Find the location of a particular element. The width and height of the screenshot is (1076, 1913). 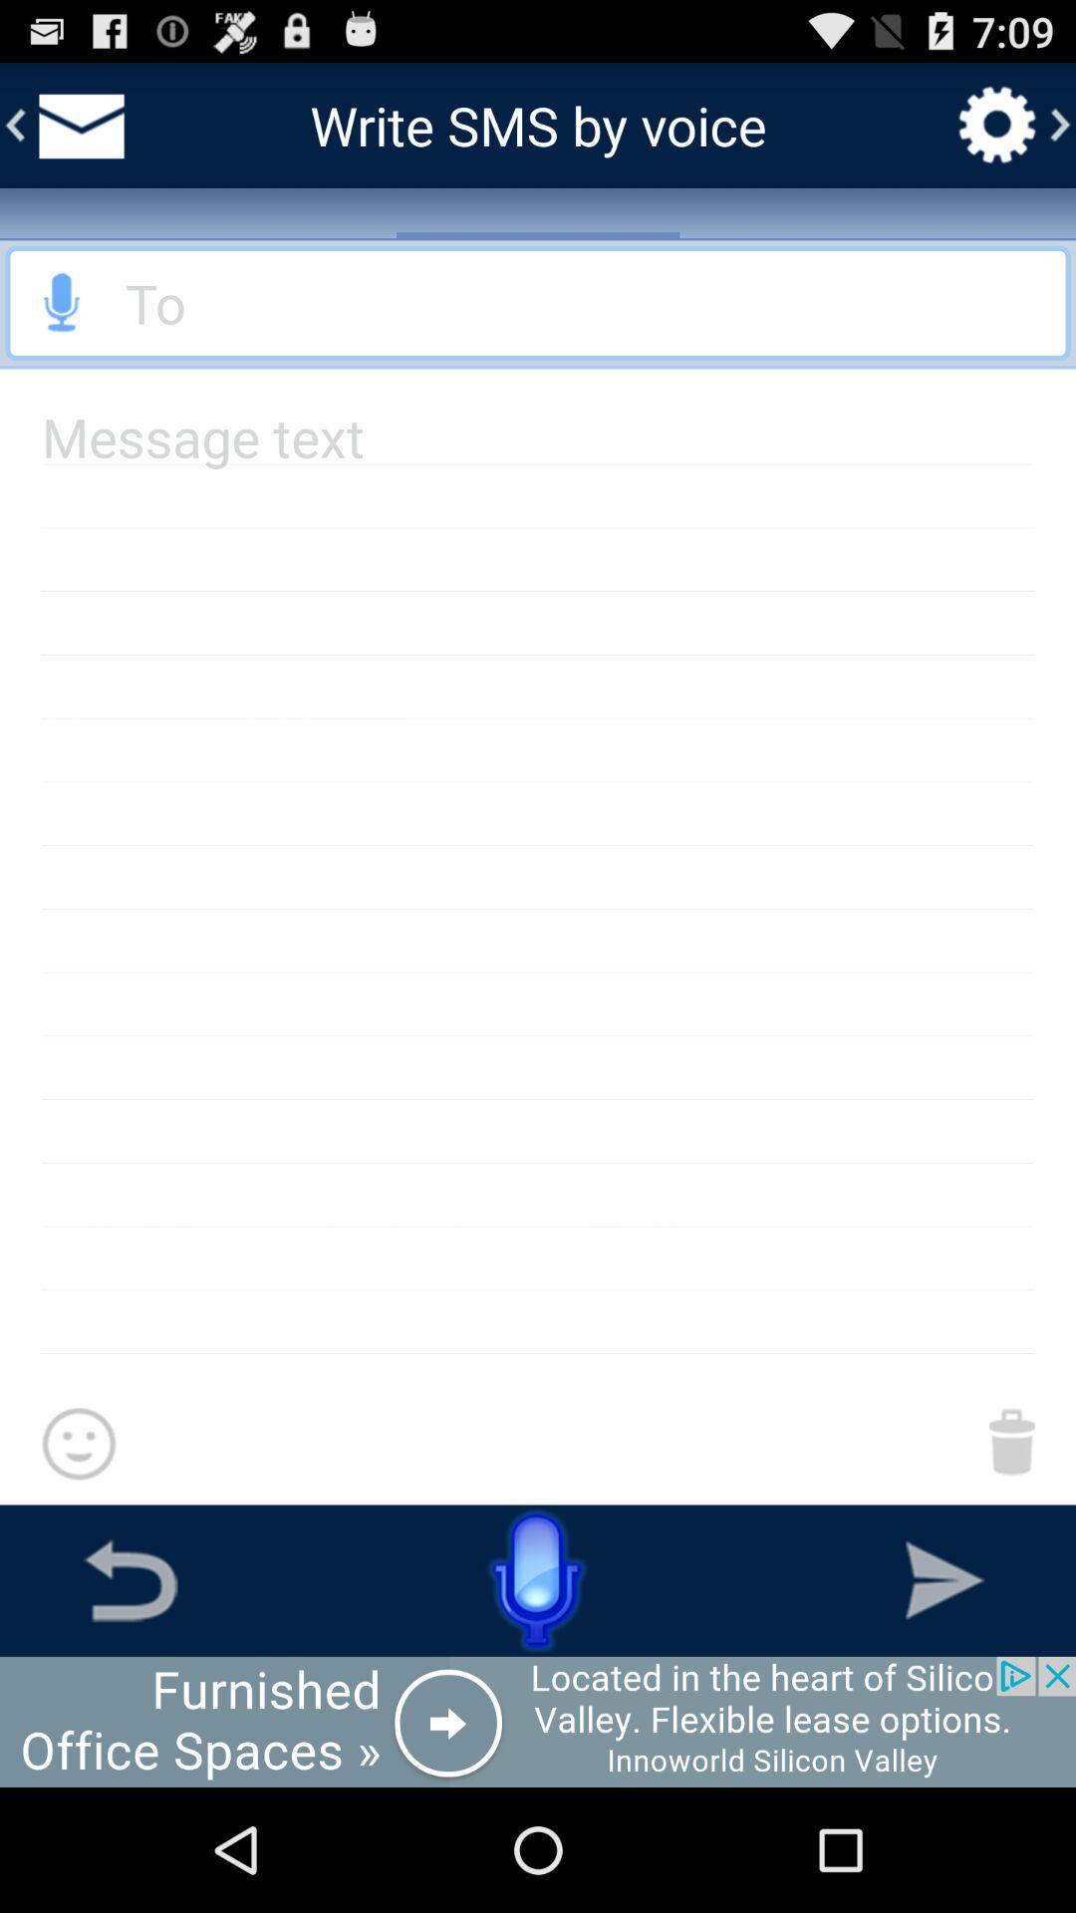

microphone is located at coordinates (538, 302).